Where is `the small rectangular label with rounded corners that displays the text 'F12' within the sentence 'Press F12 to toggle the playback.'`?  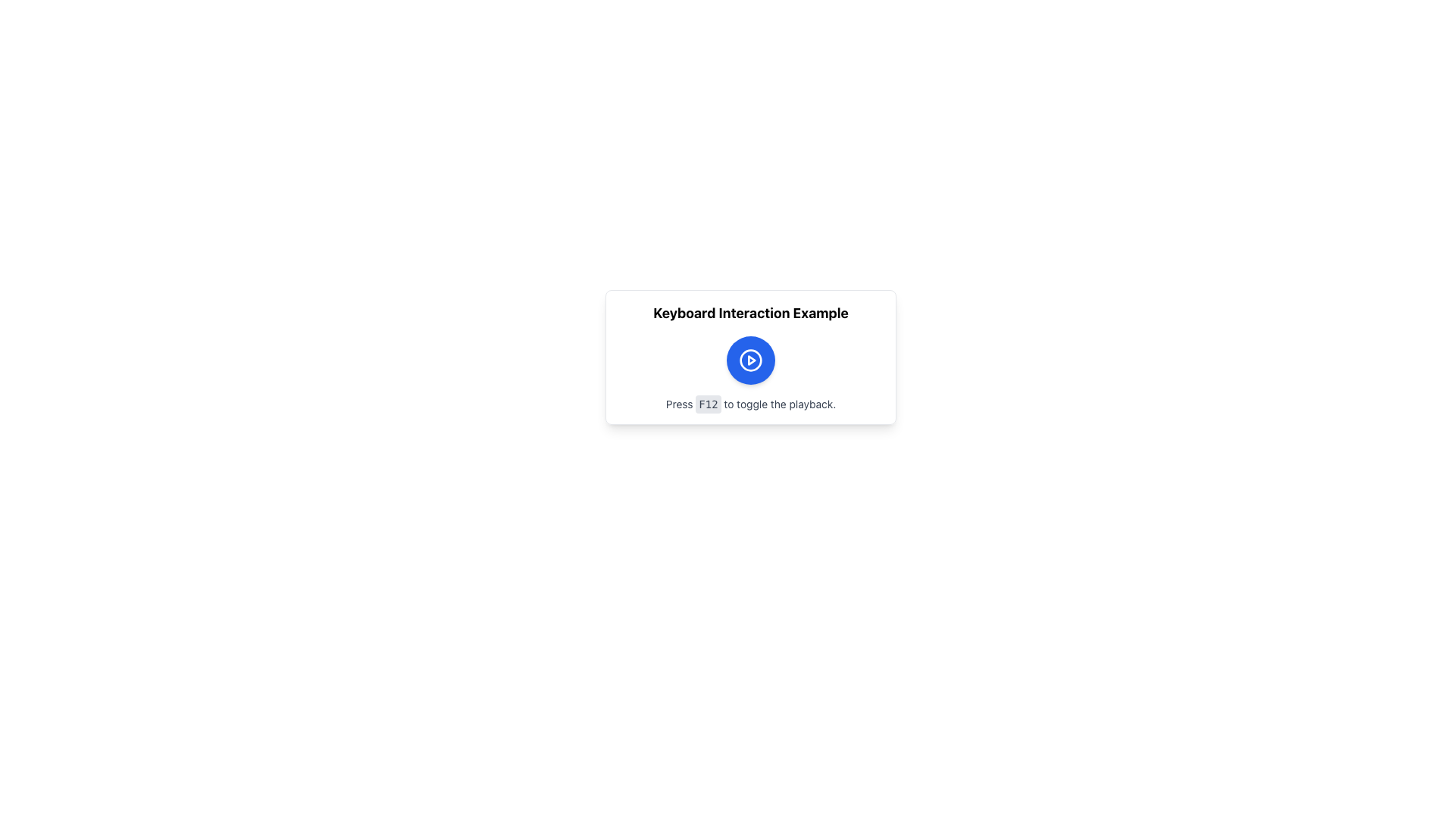 the small rectangular label with rounded corners that displays the text 'F12' within the sentence 'Press F12 to toggle the playback.' is located at coordinates (708, 403).